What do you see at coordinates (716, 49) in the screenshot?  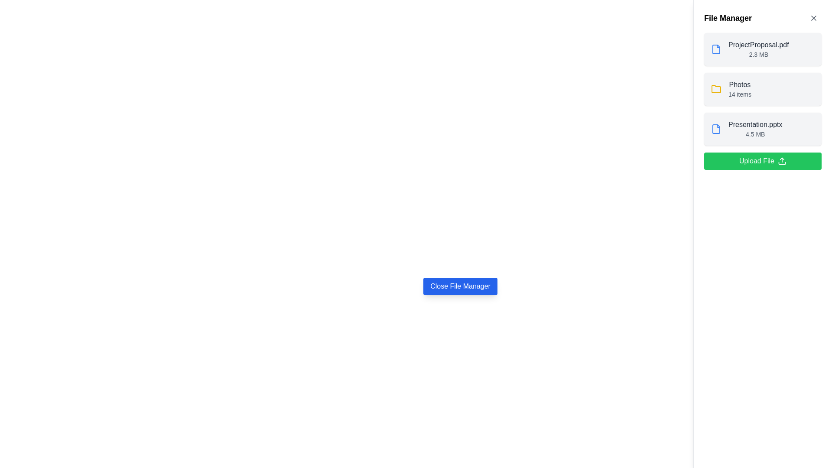 I see `the file icon representing 'ProjectProposal.pdf', which is characterized by its standard document shape with a folded corner and is blue in color, located at the beginning of the list item` at bounding box center [716, 49].